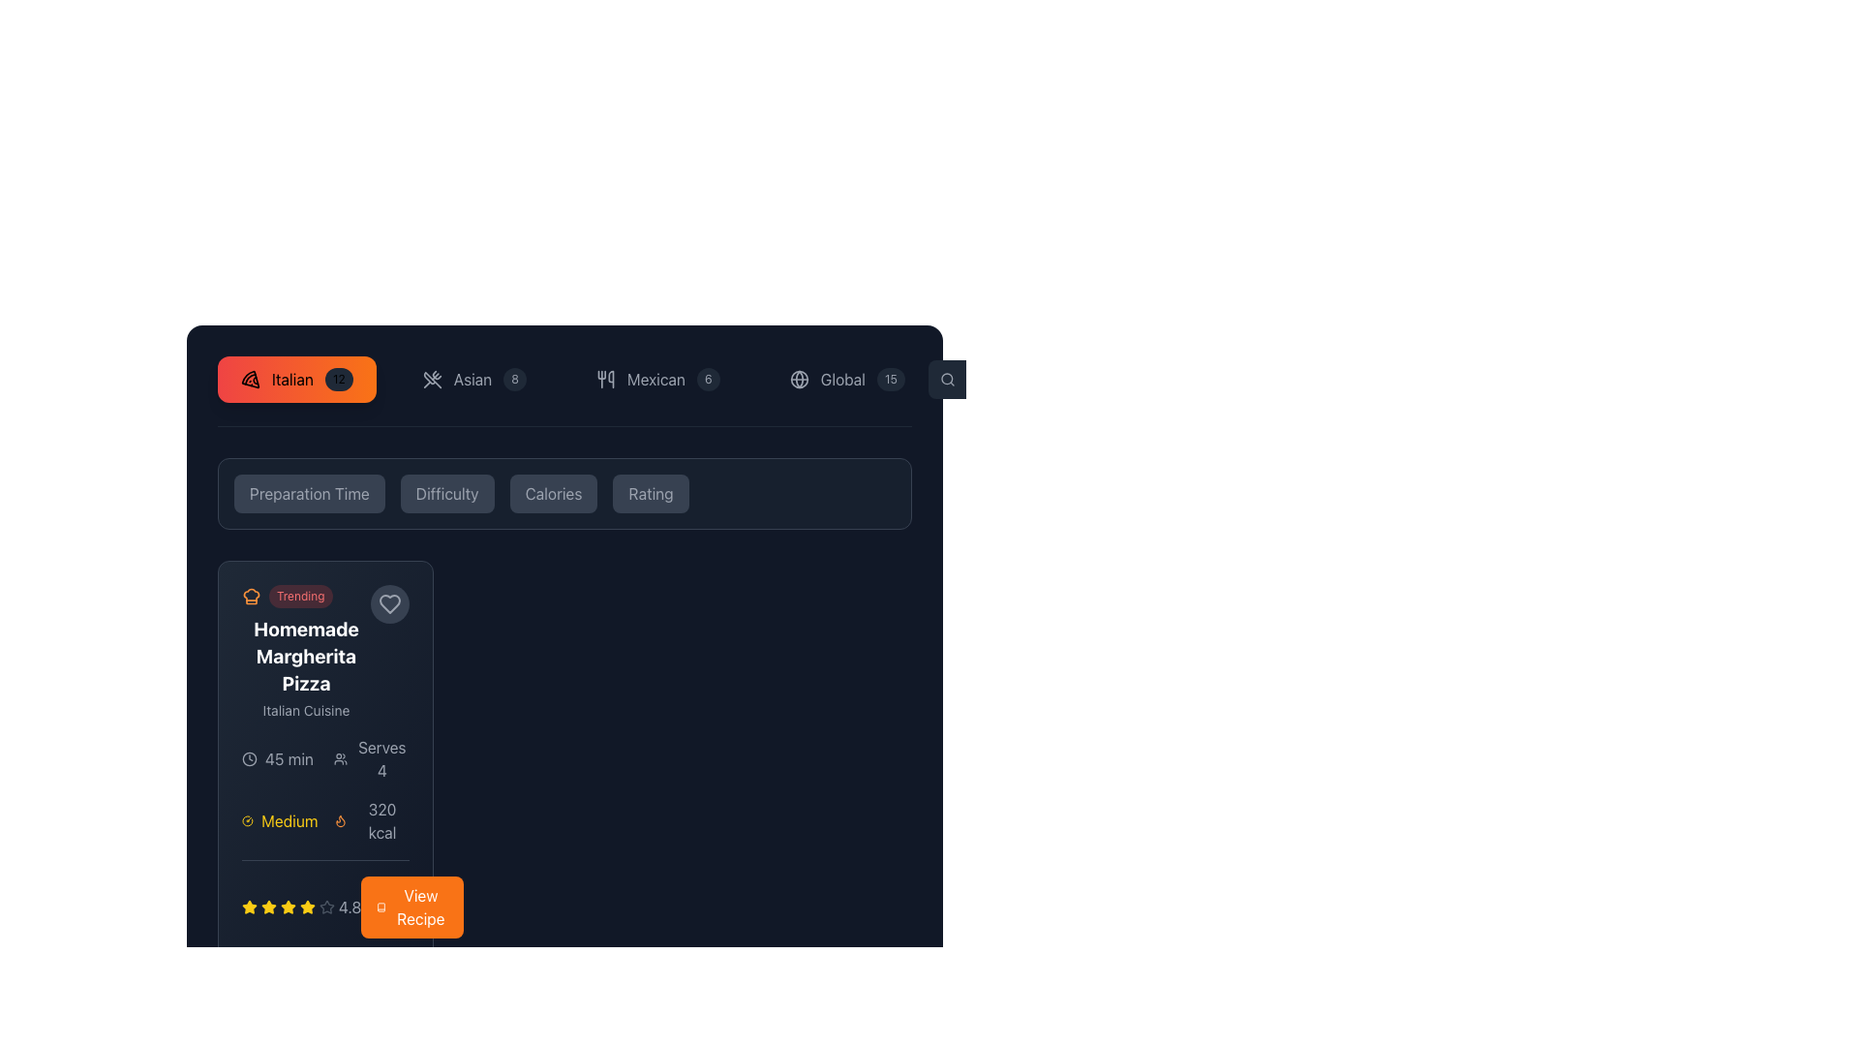 This screenshot has height=1046, width=1859. I want to click on the third button in the navigation list of cuisine categories, which filters content, so click(571, 380).